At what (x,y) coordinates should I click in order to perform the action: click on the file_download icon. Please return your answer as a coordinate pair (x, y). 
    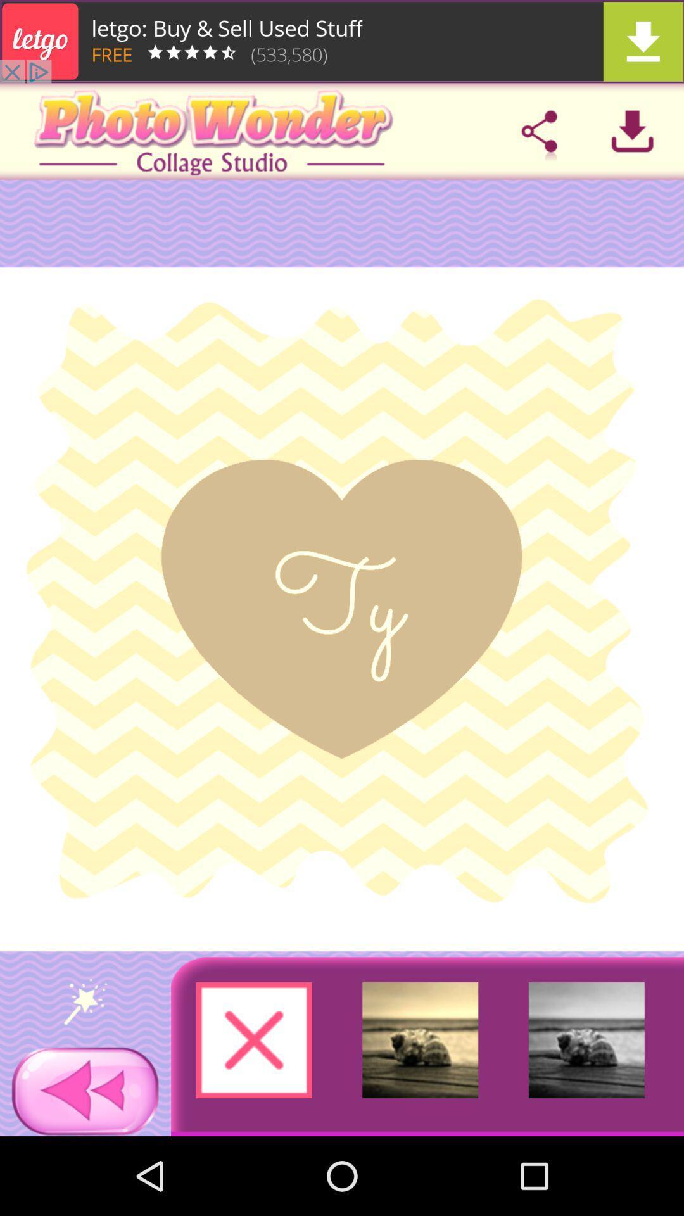
    Looking at the image, I should click on (632, 131).